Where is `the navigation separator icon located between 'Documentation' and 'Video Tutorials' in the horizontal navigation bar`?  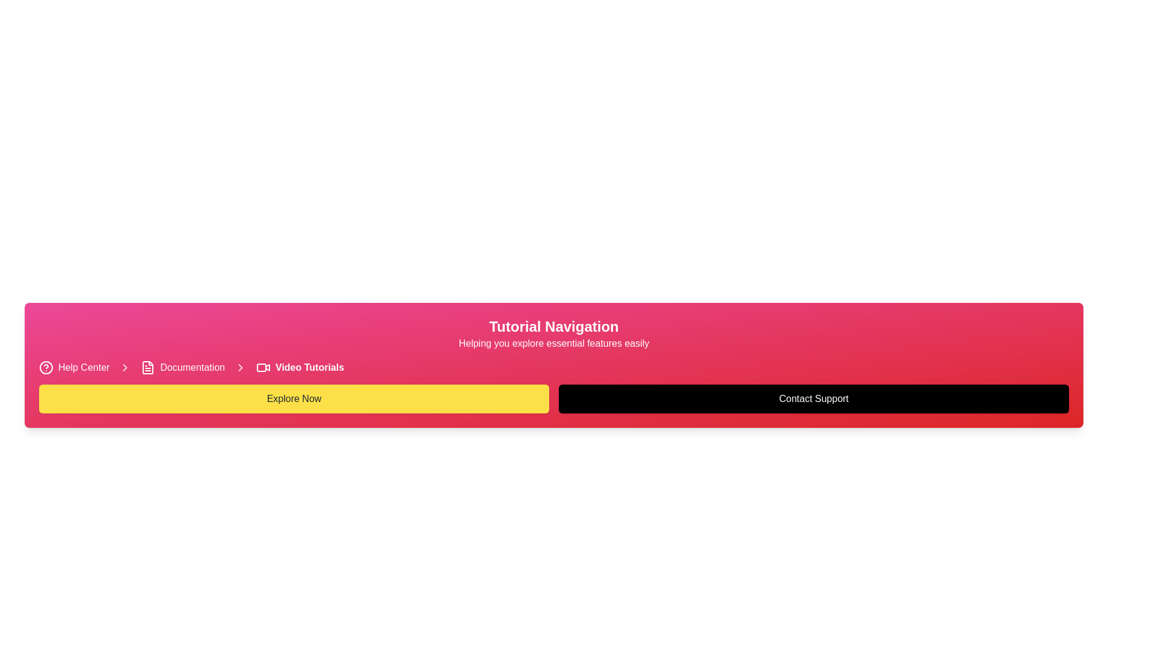 the navigation separator icon located between 'Documentation' and 'Video Tutorials' in the horizontal navigation bar is located at coordinates (240, 367).